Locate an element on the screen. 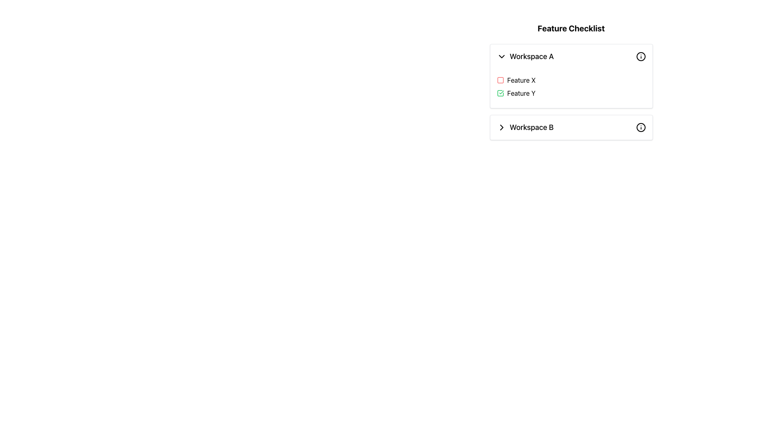  the list item labeled 'Workspace B' is located at coordinates (571, 127).